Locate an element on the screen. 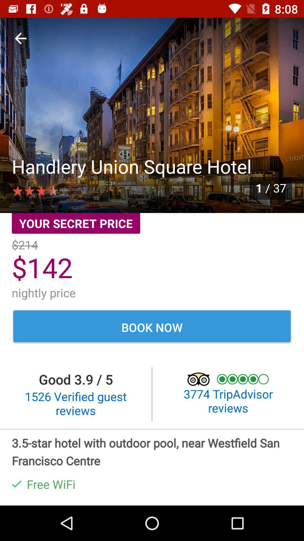 The height and width of the screenshot is (541, 304). book now is located at coordinates (152, 327).